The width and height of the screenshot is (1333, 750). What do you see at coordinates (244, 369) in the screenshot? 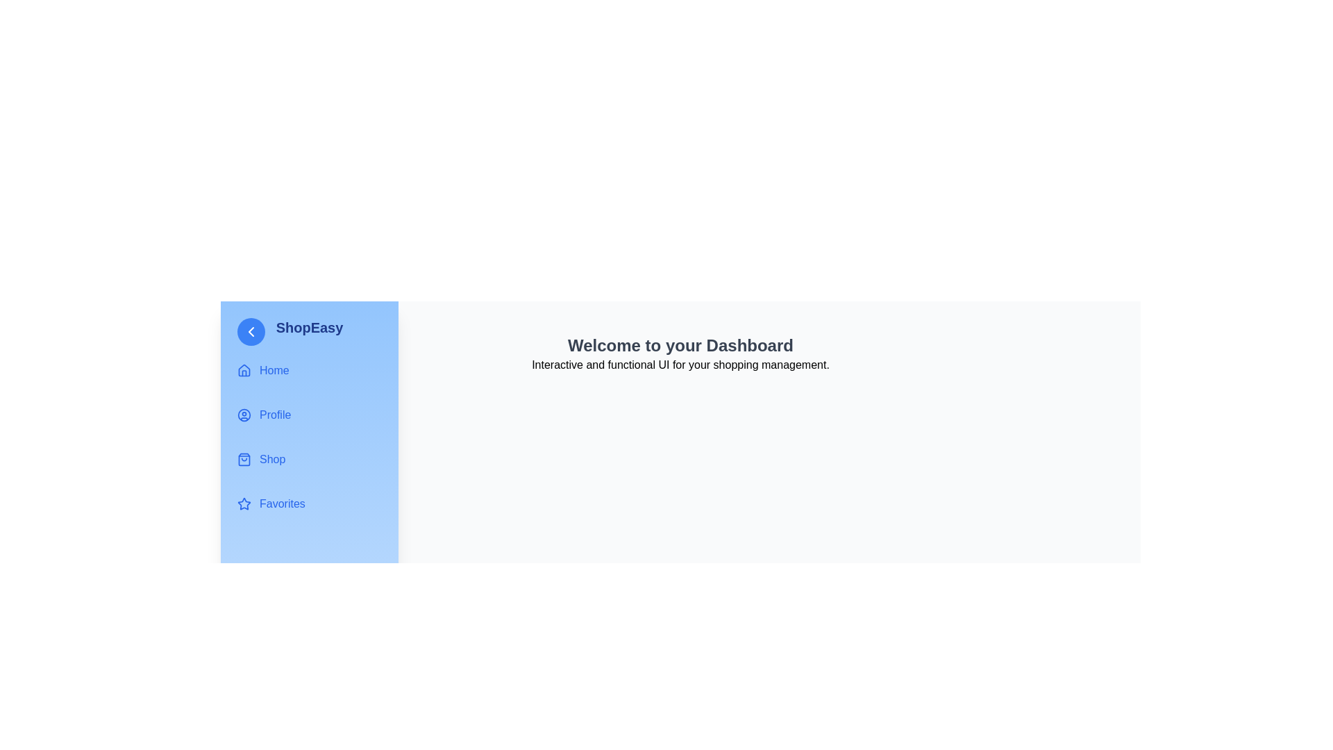
I see `the 'Home' menu icon located in the left sidebar of the application, which is positioned below the 'ShopEasy' header` at bounding box center [244, 369].